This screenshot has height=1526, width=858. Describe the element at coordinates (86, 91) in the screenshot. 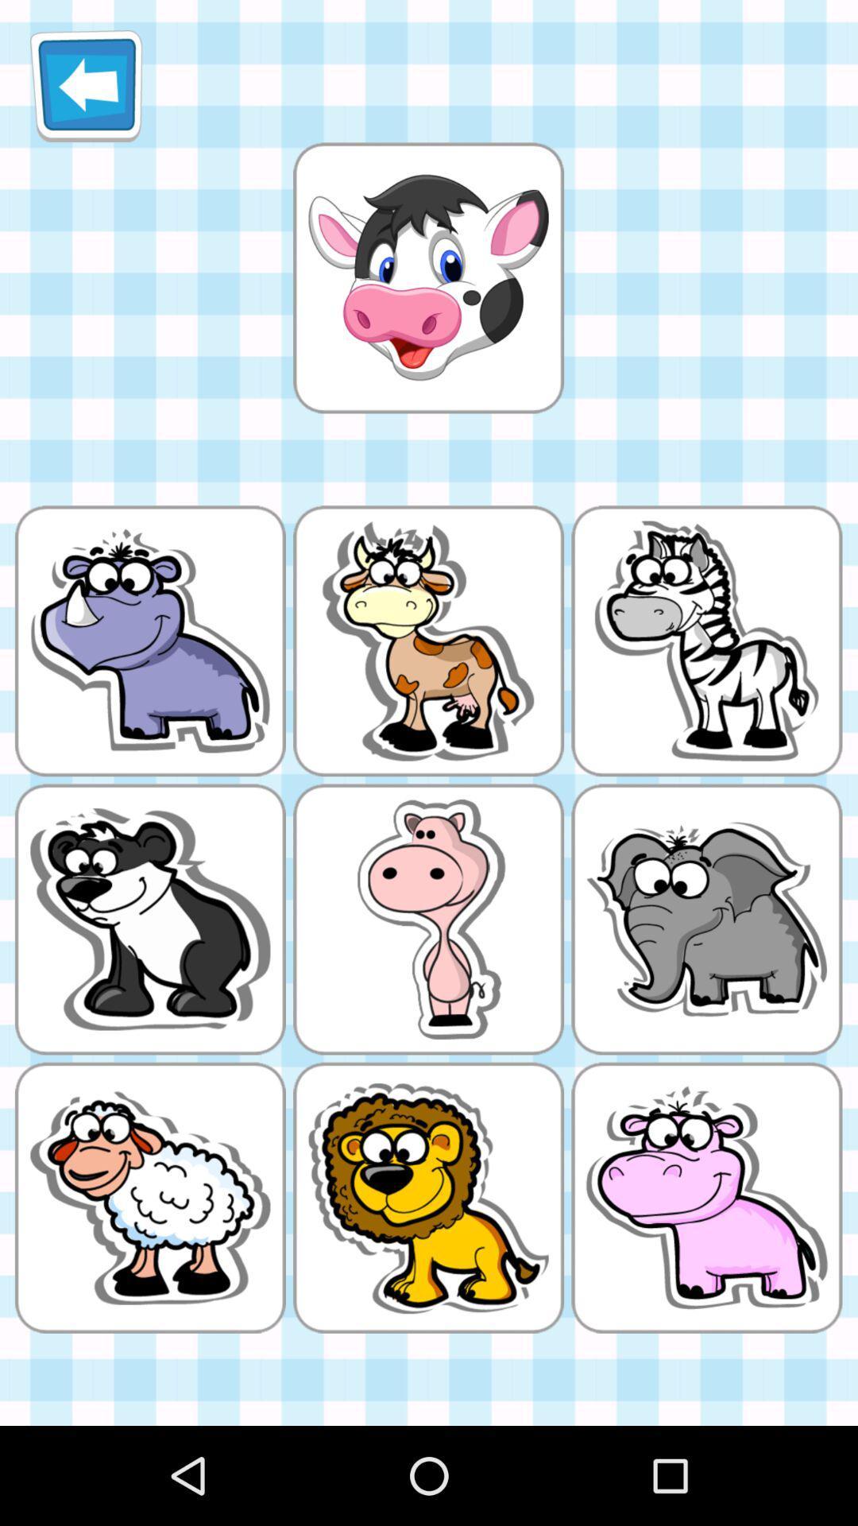

I see `the arrow_backward icon` at that location.